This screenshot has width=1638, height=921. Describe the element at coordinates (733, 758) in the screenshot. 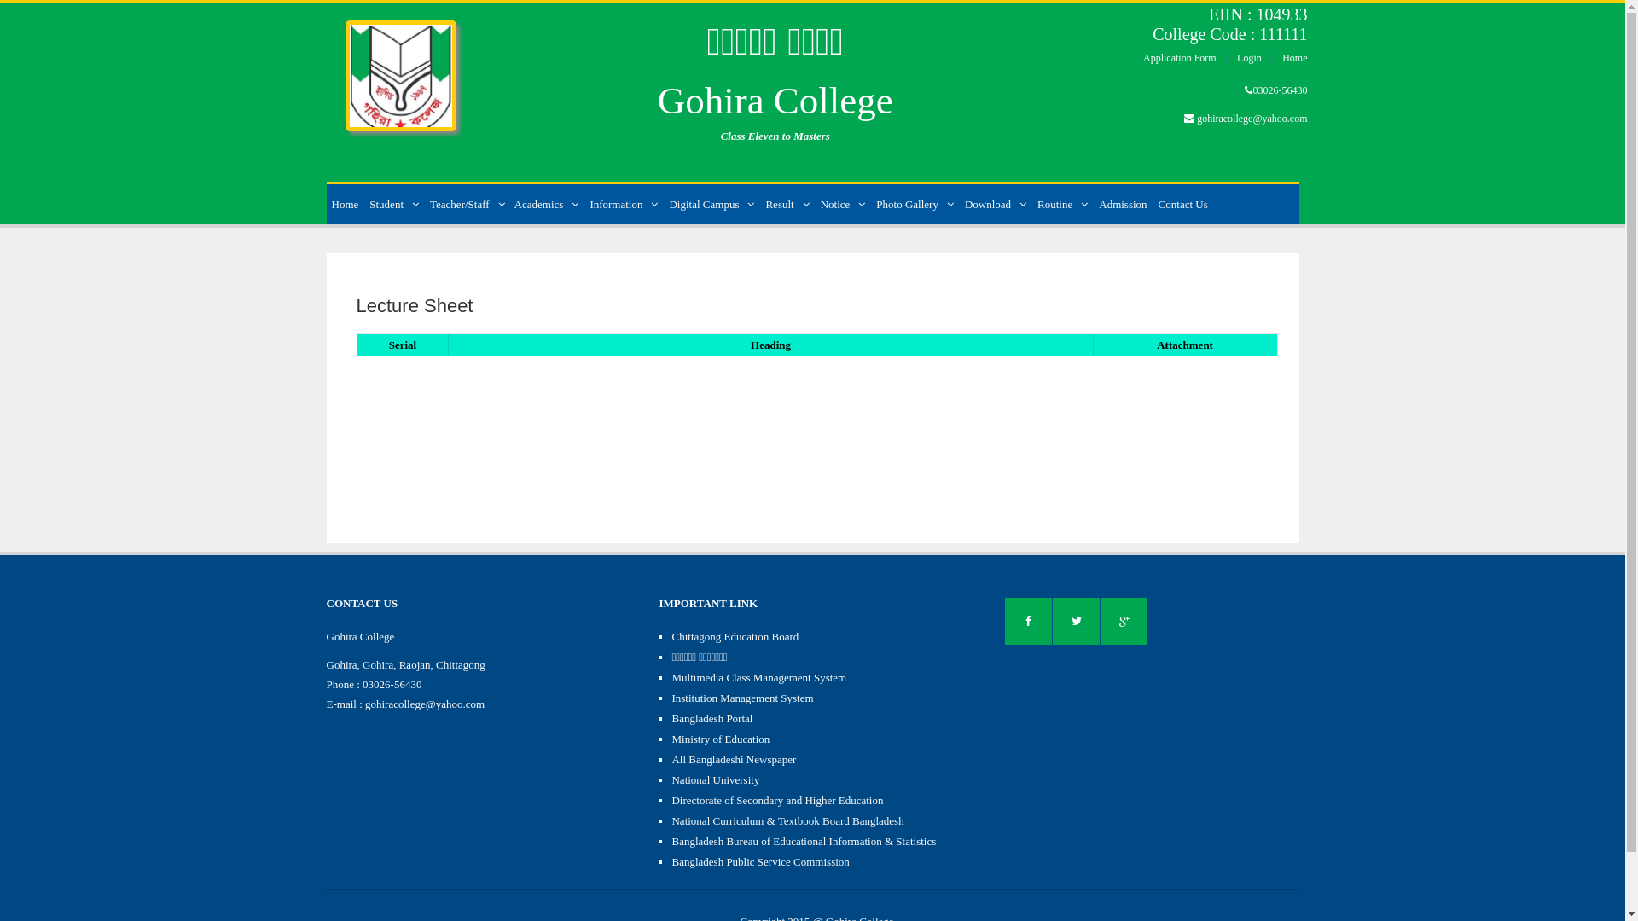

I see `'All Bangladeshi Newspaper'` at that location.